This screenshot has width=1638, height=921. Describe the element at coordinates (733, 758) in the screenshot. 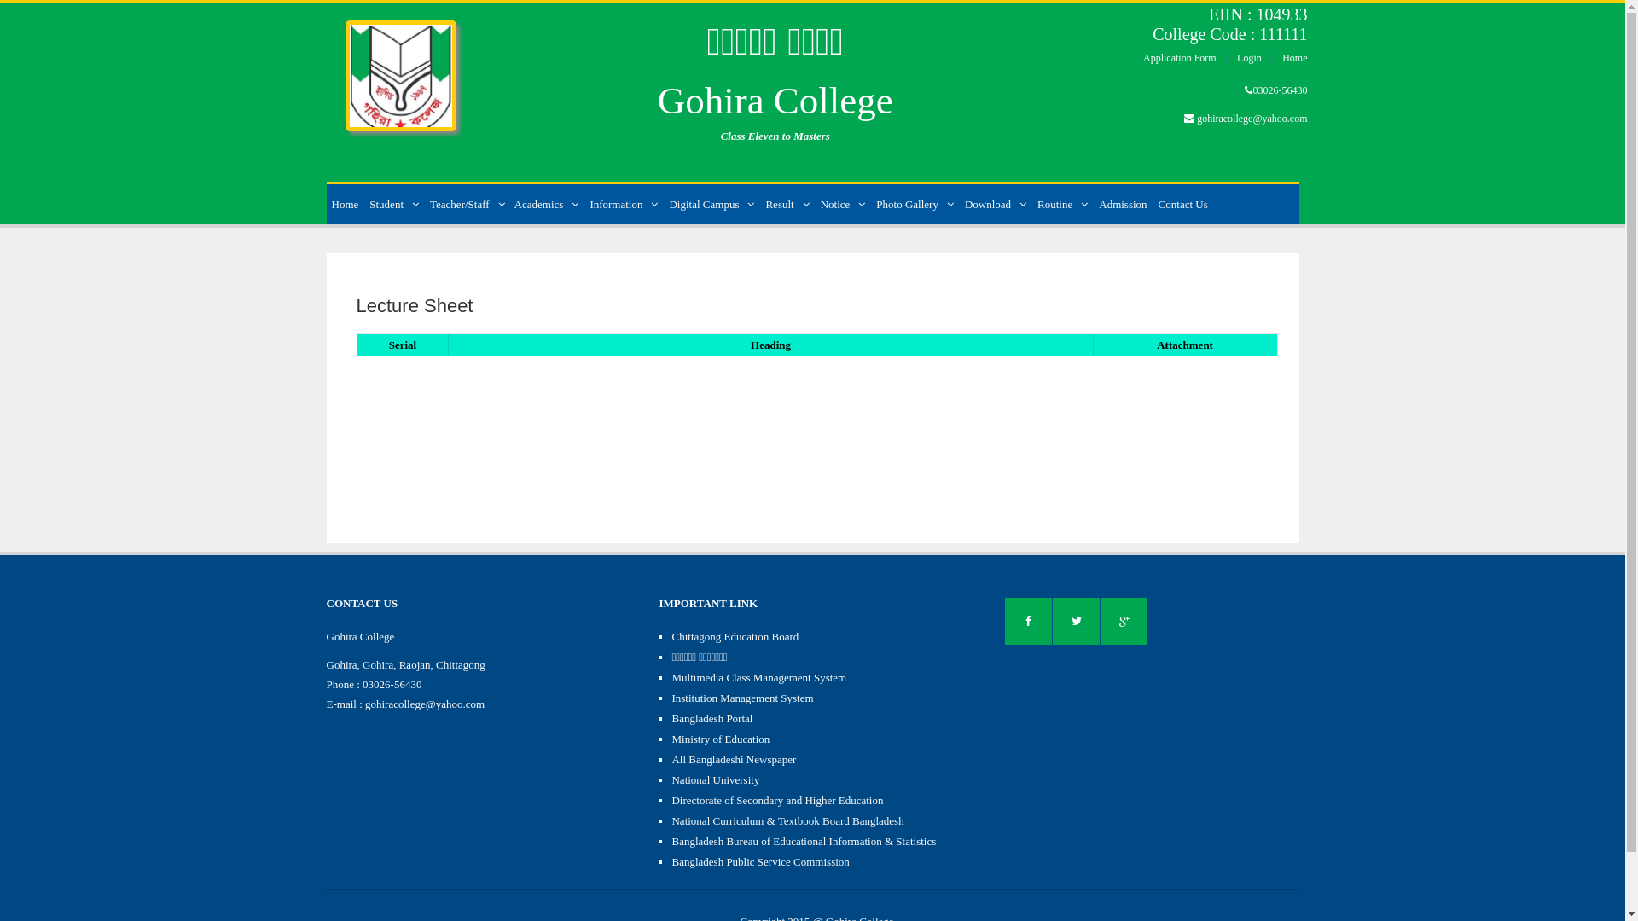

I see `'All Bangladeshi Newspaper'` at that location.